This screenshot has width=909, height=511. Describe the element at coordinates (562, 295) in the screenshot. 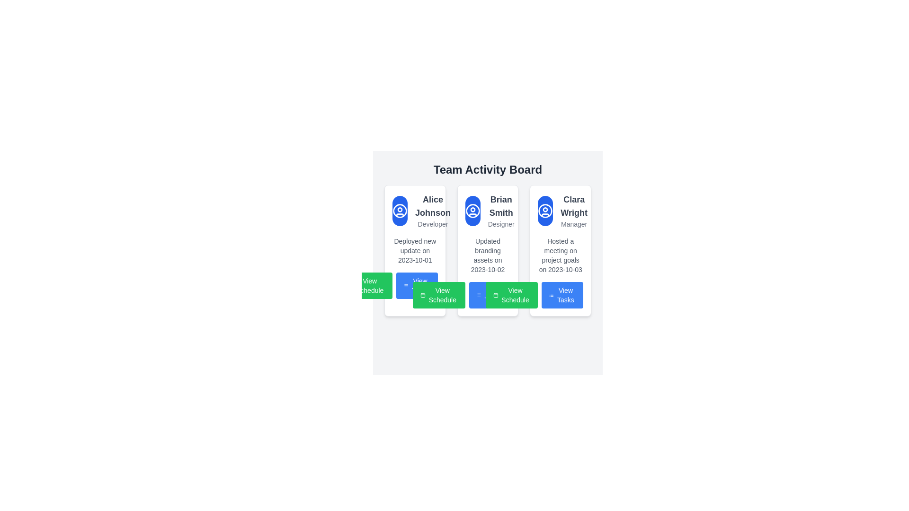

I see `the 'View Tasks' button, which has rounded corners, a blue background, and a white text label with an icon of a list to the left, located at the bottom of the 'Clara Wright - Manager' card` at that location.